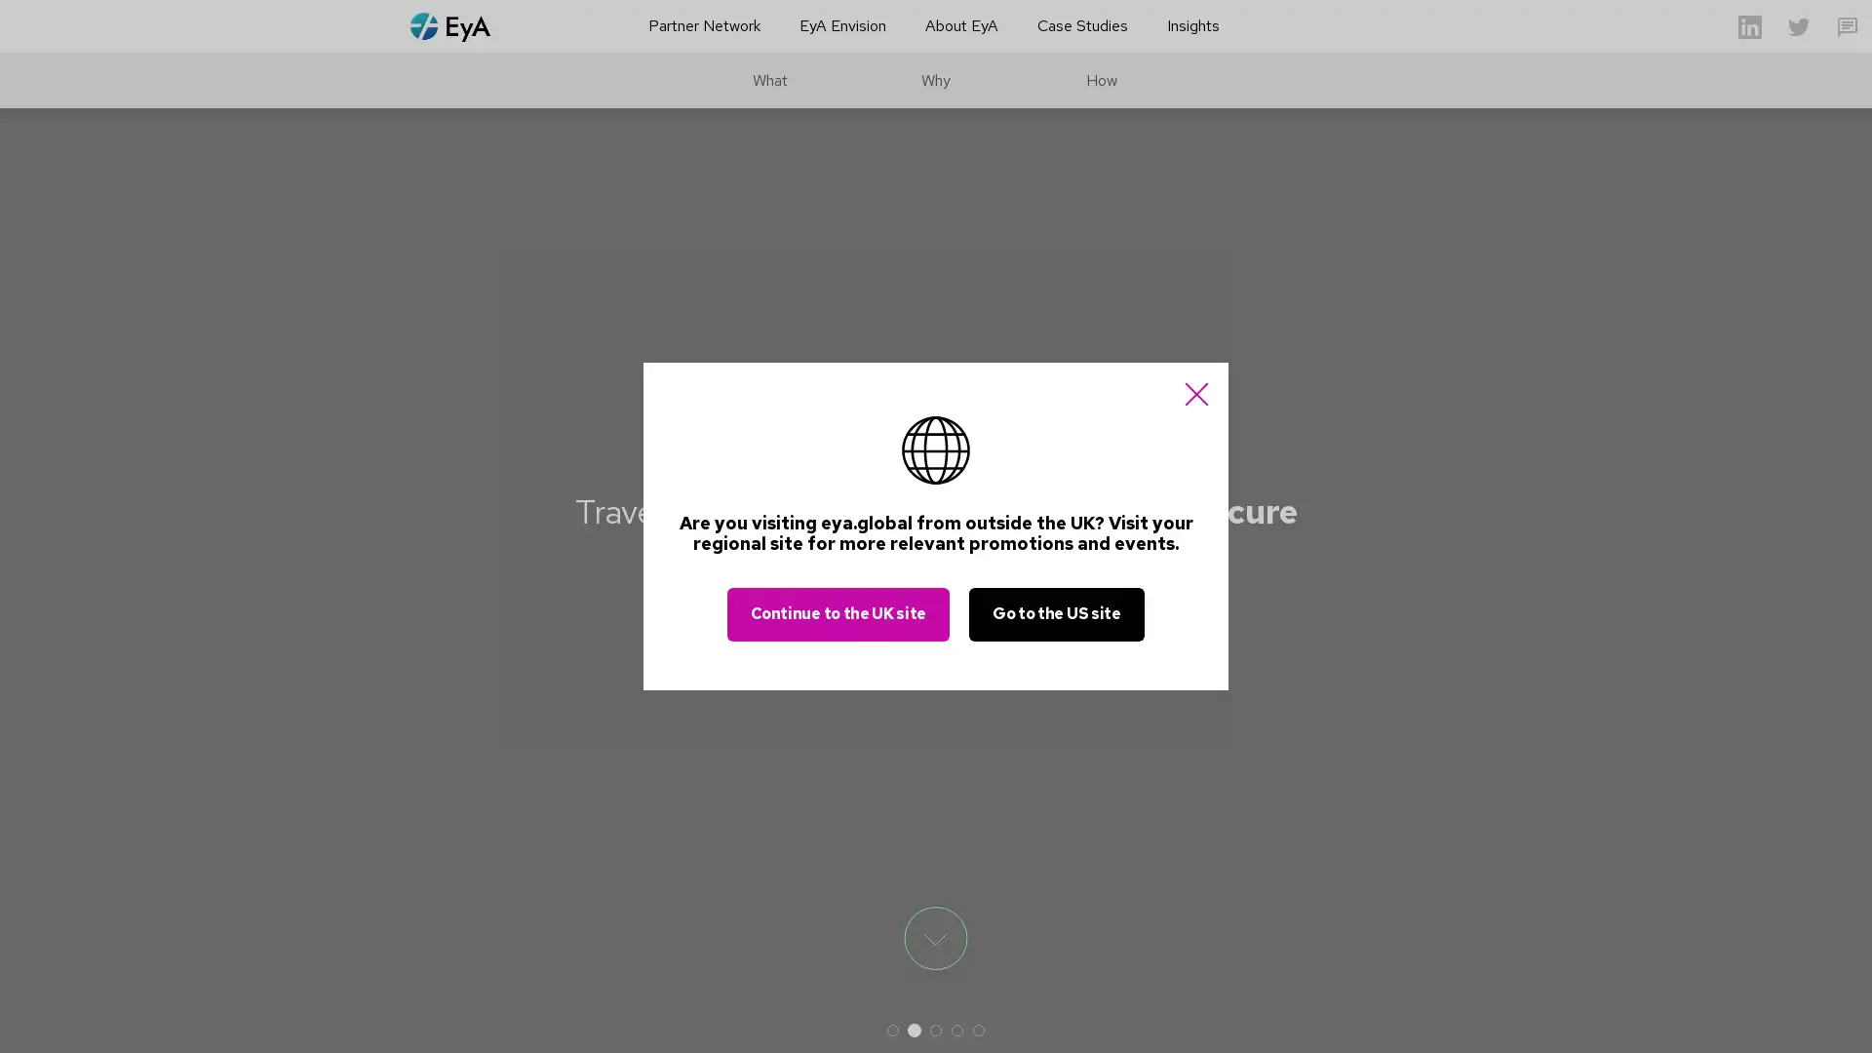 Image resolution: width=1872 pixels, height=1053 pixels. I want to click on 1, so click(892, 1029).